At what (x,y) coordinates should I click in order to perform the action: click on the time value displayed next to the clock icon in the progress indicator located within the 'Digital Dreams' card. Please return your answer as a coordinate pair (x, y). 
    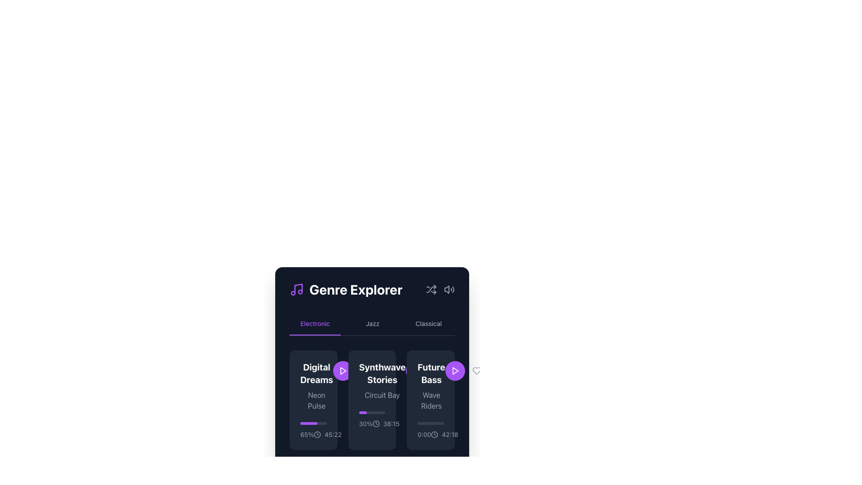
    Looking at the image, I should click on (313, 430).